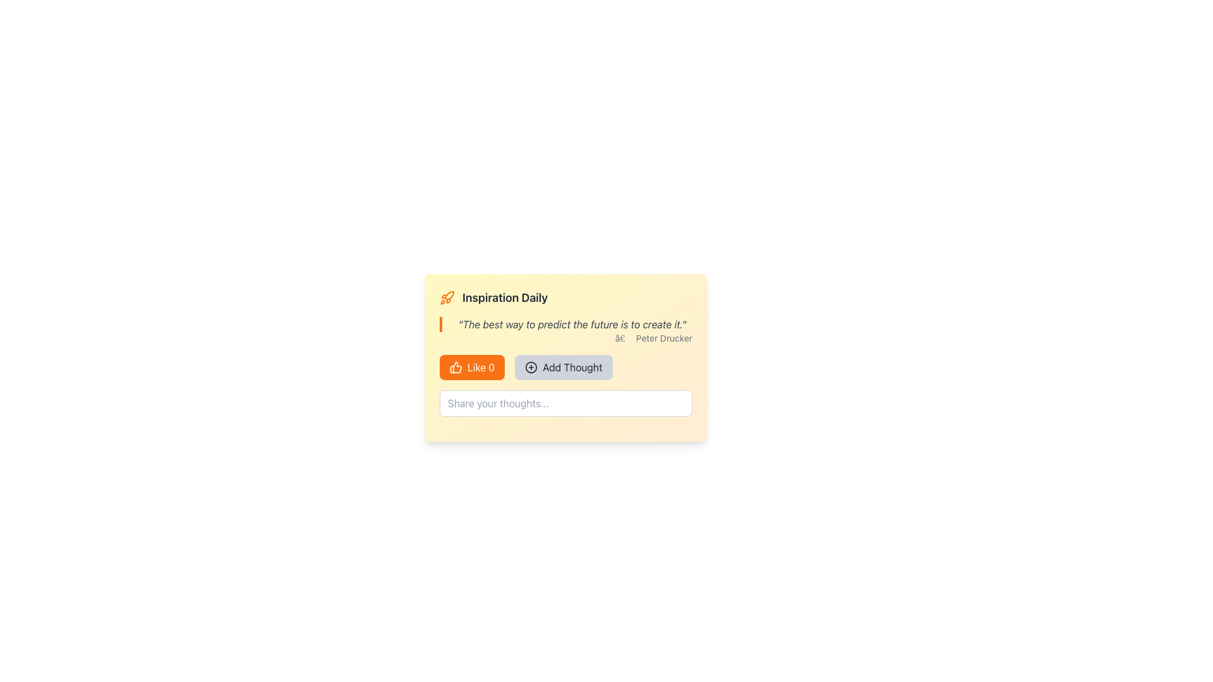 Image resolution: width=1213 pixels, height=682 pixels. Describe the element at coordinates (455, 368) in the screenshot. I see `the thumbs-up icon located on the left side of the 'Like 0' button under the title 'Inspiration Daily'` at that location.